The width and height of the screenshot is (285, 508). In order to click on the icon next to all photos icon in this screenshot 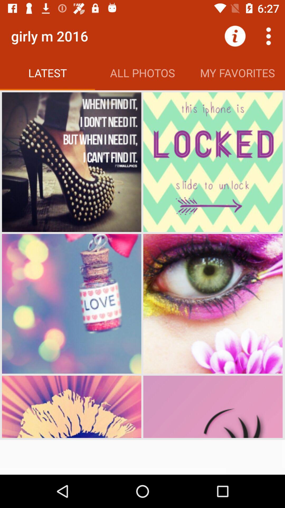, I will do `click(235, 36)`.